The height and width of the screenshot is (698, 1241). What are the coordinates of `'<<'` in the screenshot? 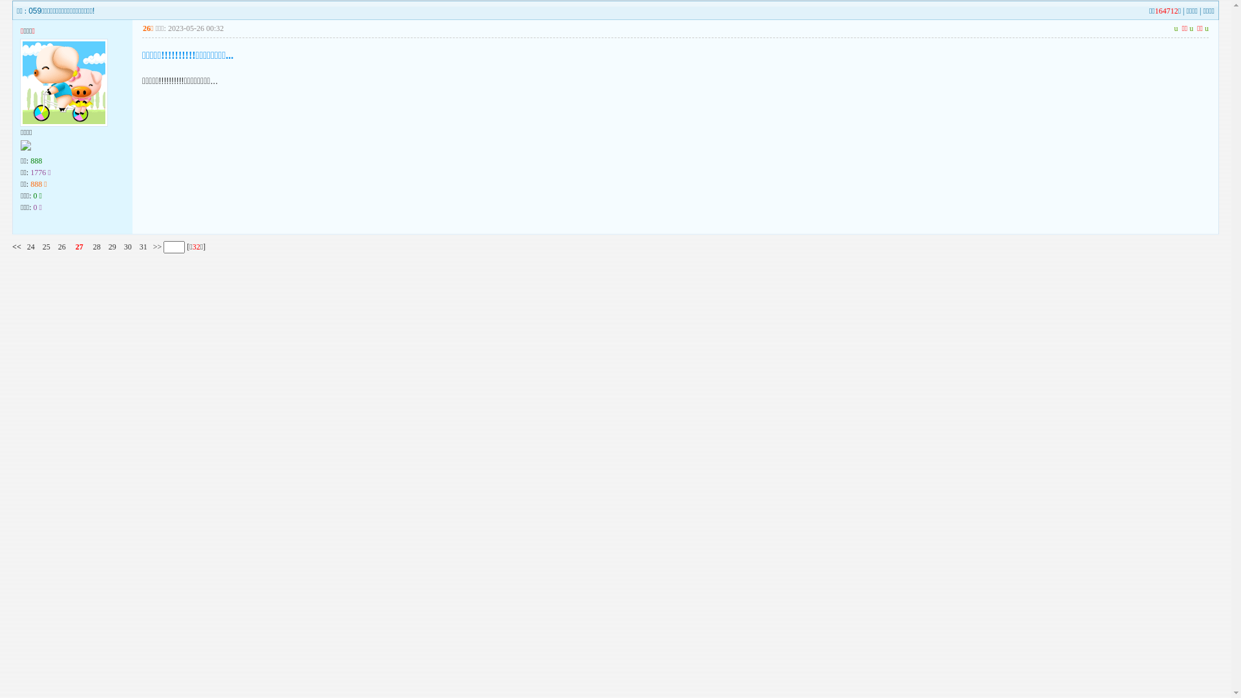 It's located at (16, 246).